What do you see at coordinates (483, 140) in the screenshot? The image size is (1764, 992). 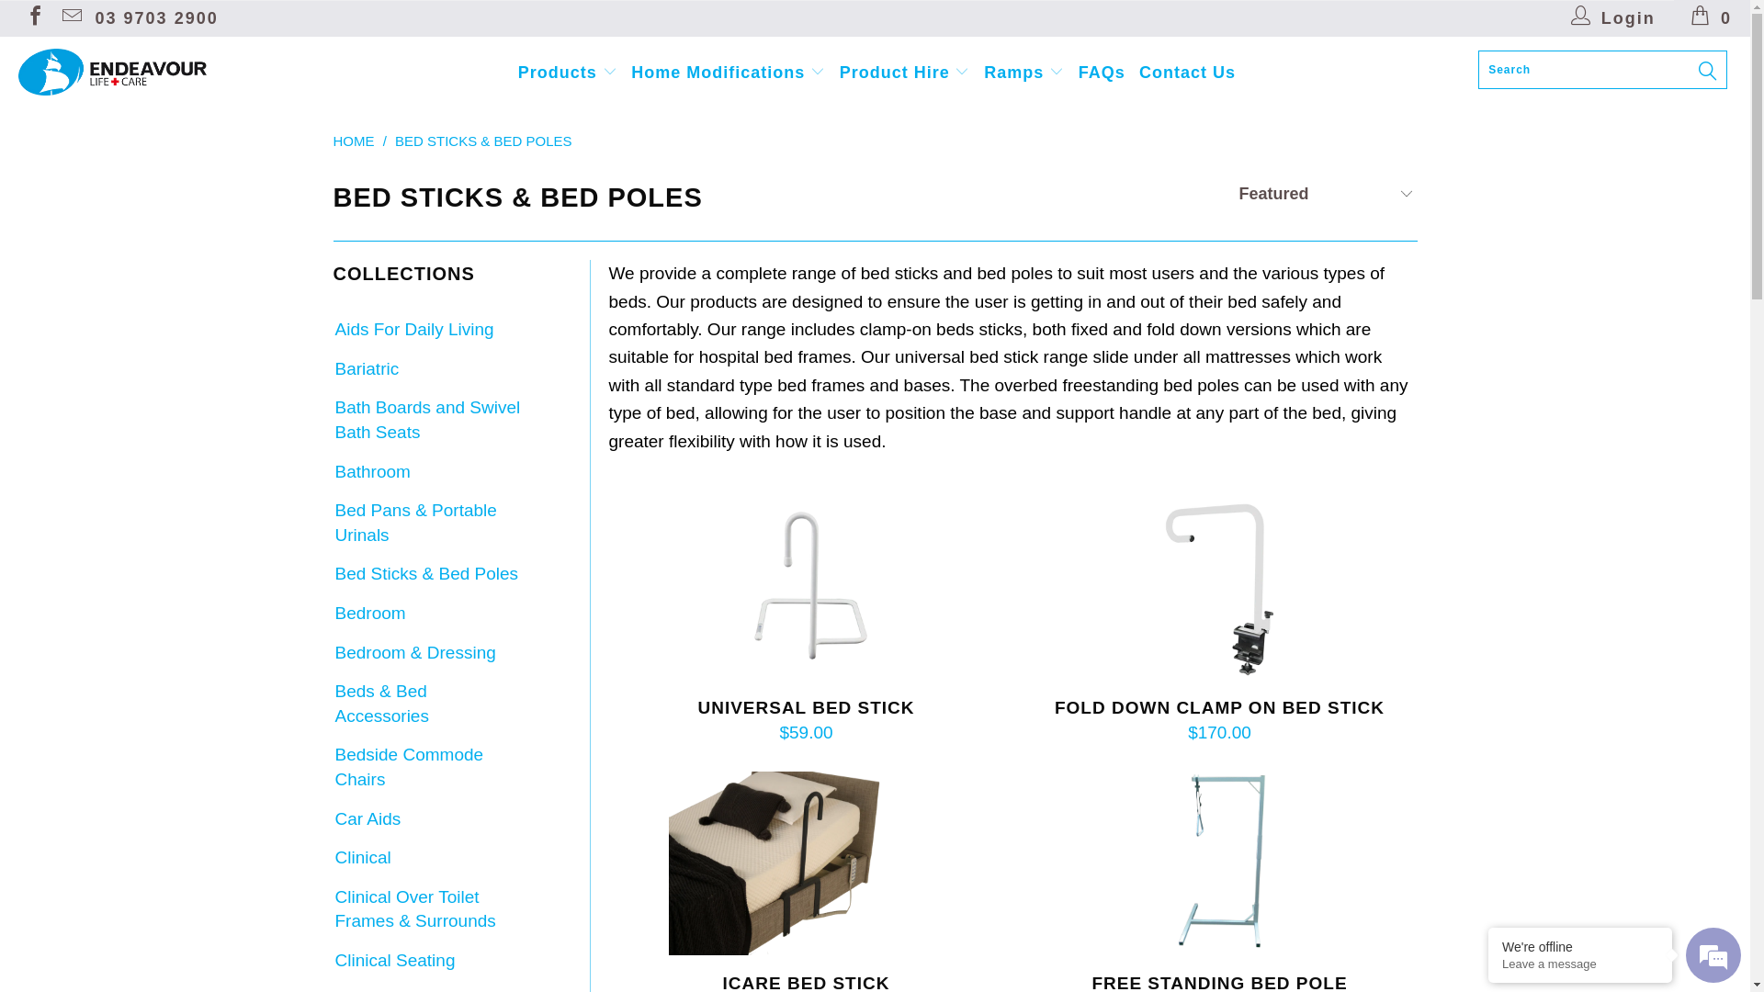 I see `'BED STICKS & BED POLES'` at bounding box center [483, 140].